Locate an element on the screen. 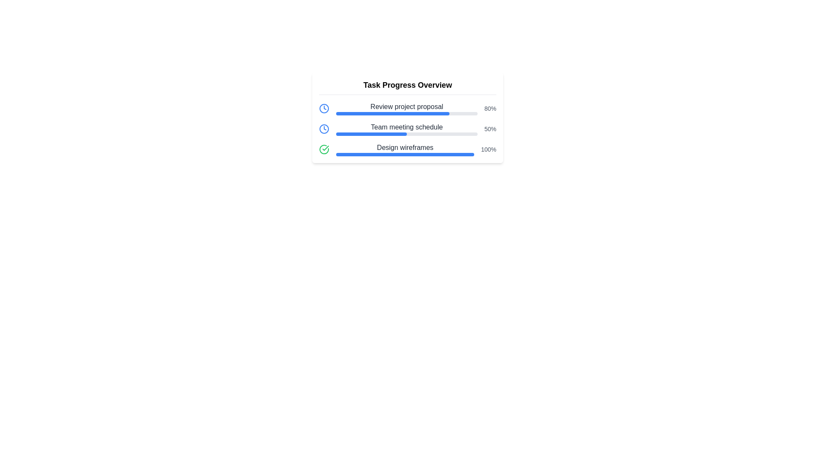 The width and height of the screenshot is (818, 460). the text label displaying 'Review project proposal', which is part of the task progress overview and aligned to the left of a progress bar is located at coordinates (406, 106).